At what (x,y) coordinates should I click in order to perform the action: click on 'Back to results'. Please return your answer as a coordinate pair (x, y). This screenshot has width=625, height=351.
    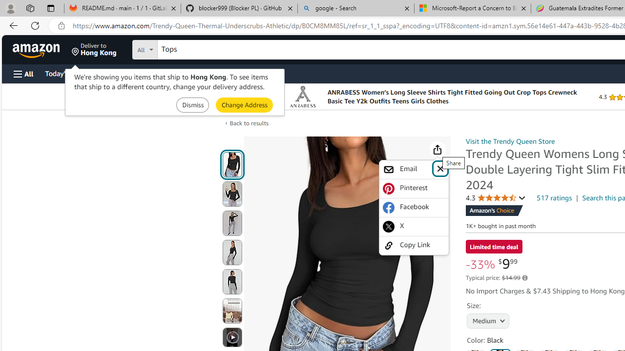
    Looking at the image, I should click on (249, 123).